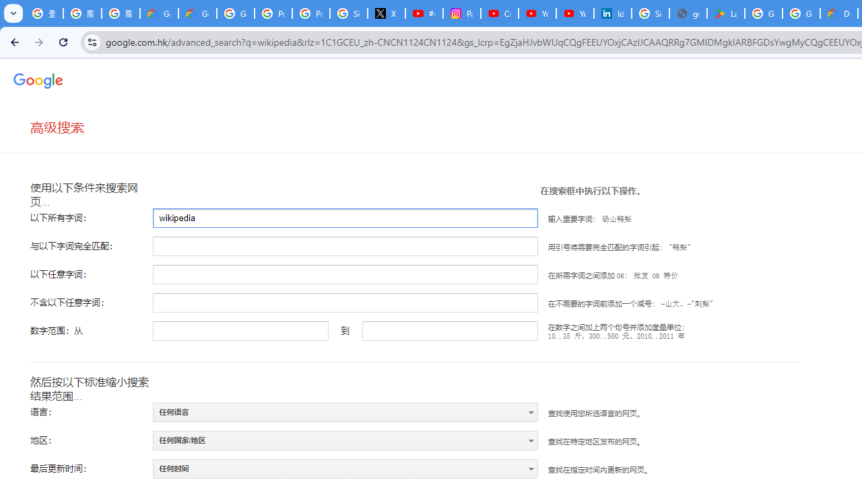  Describe the element at coordinates (651, 13) in the screenshot. I see `'Sign in - Google Accounts'` at that location.